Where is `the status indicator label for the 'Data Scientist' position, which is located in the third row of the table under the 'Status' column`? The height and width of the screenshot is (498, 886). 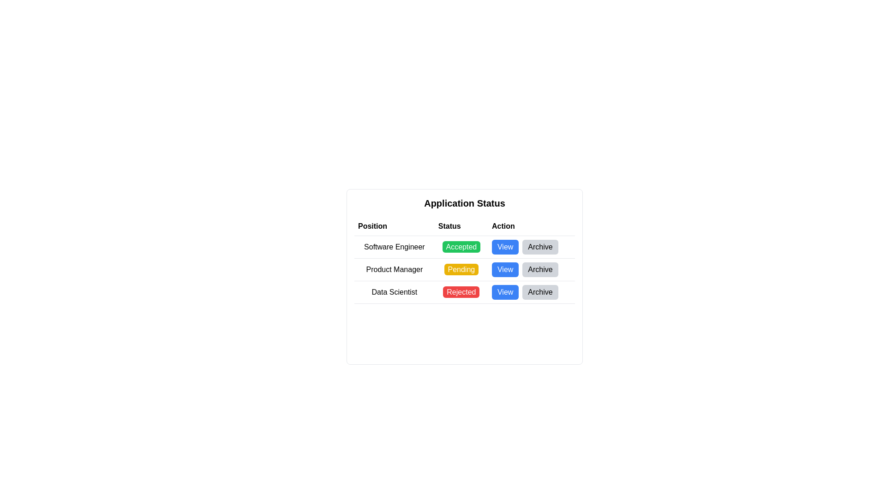 the status indicator label for the 'Data Scientist' position, which is located in the third row of the table under the 'Status' column is located at coordinates (461, 292).